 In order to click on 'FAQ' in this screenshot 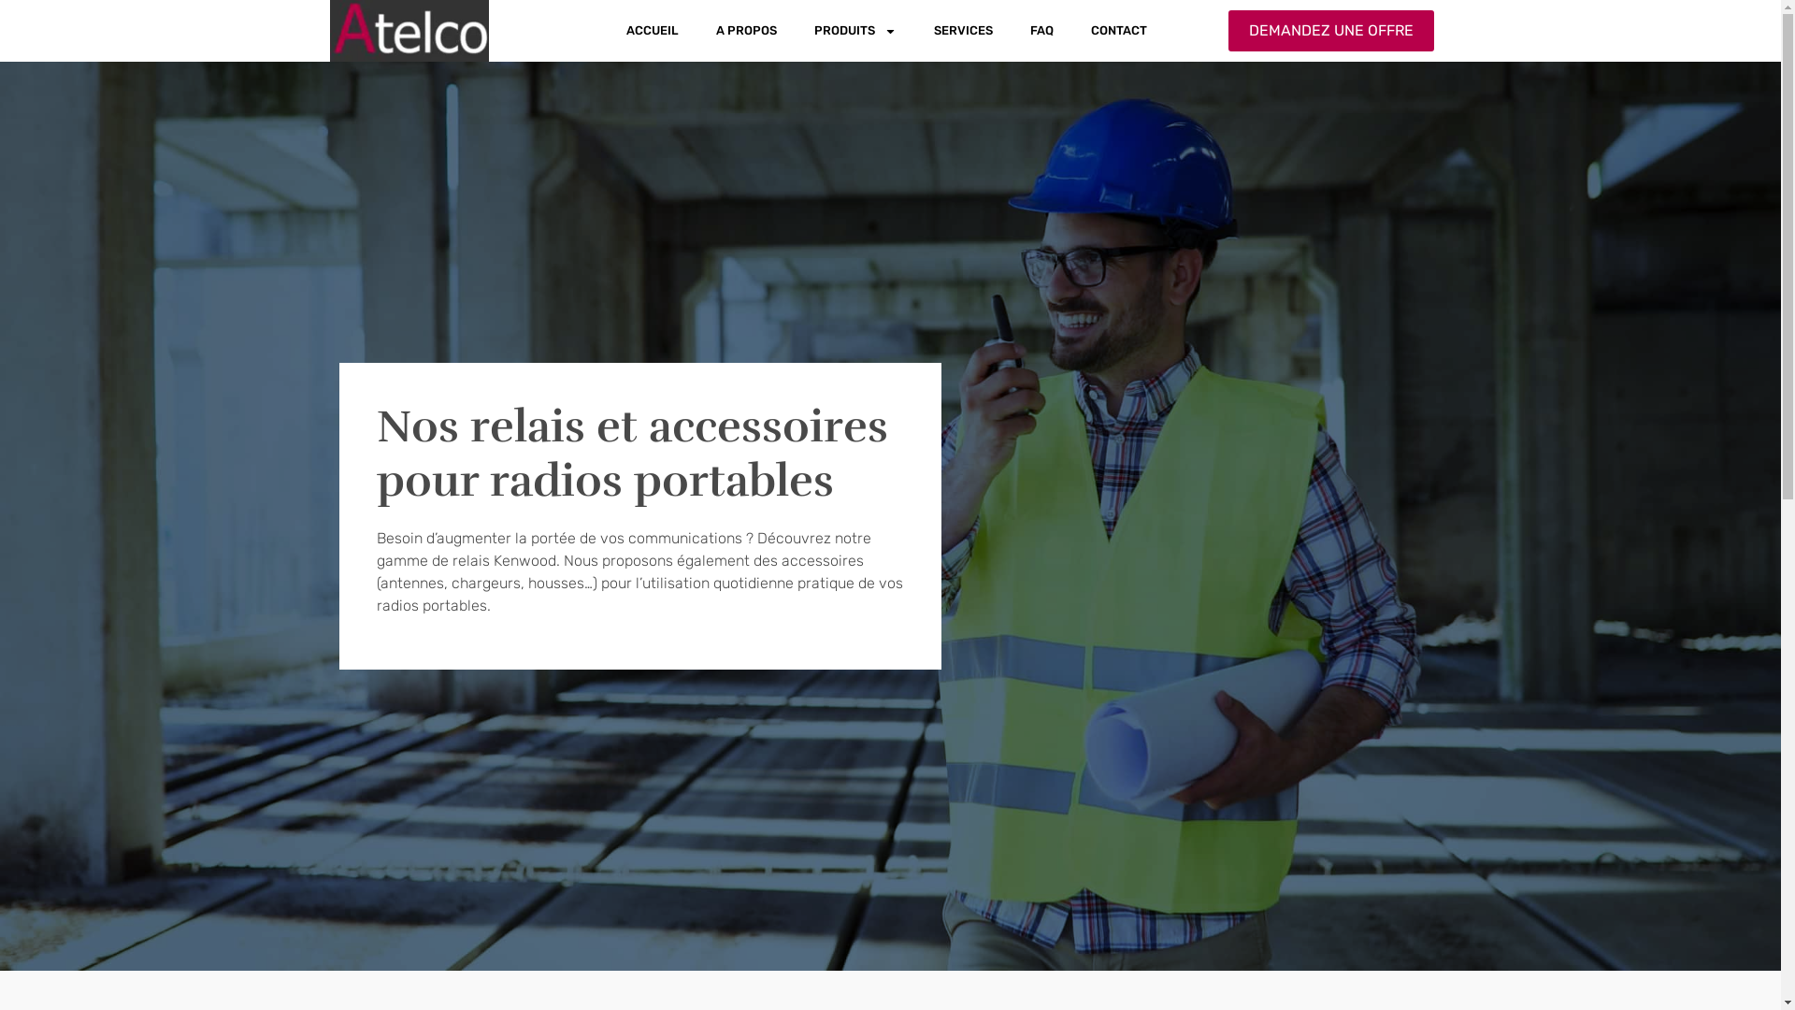, I will do `click(1041, 31)`.